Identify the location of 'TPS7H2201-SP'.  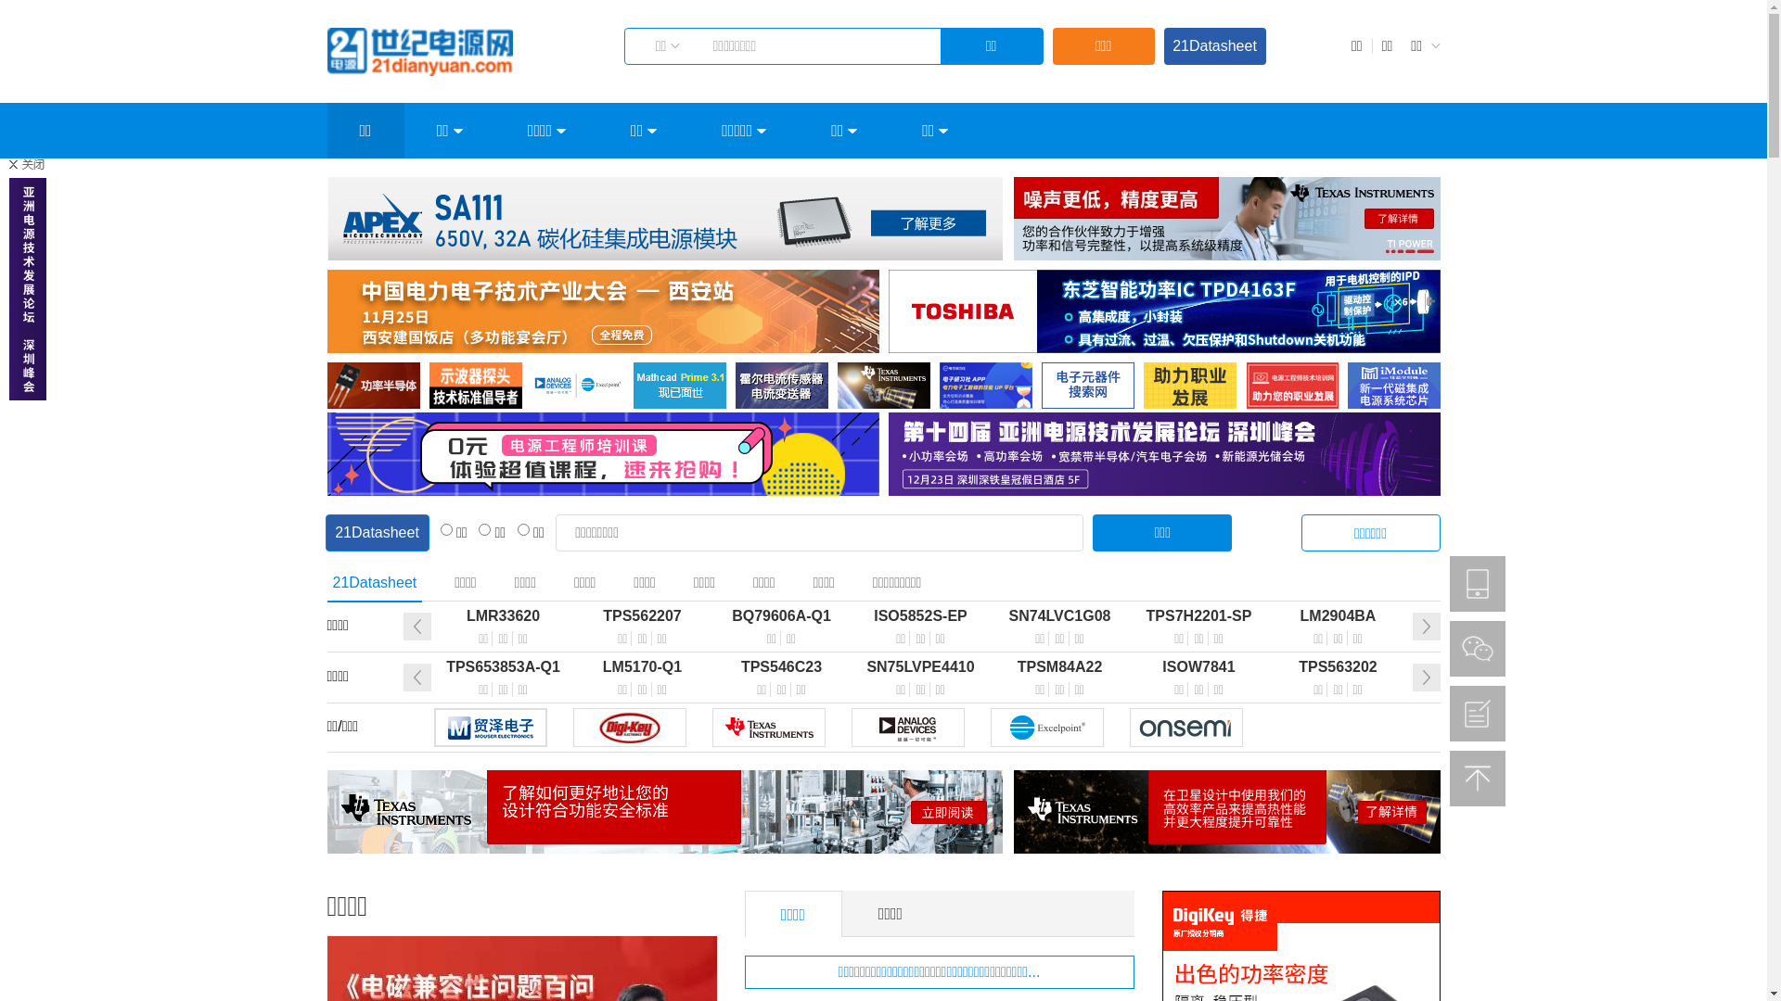
(1129, 615).